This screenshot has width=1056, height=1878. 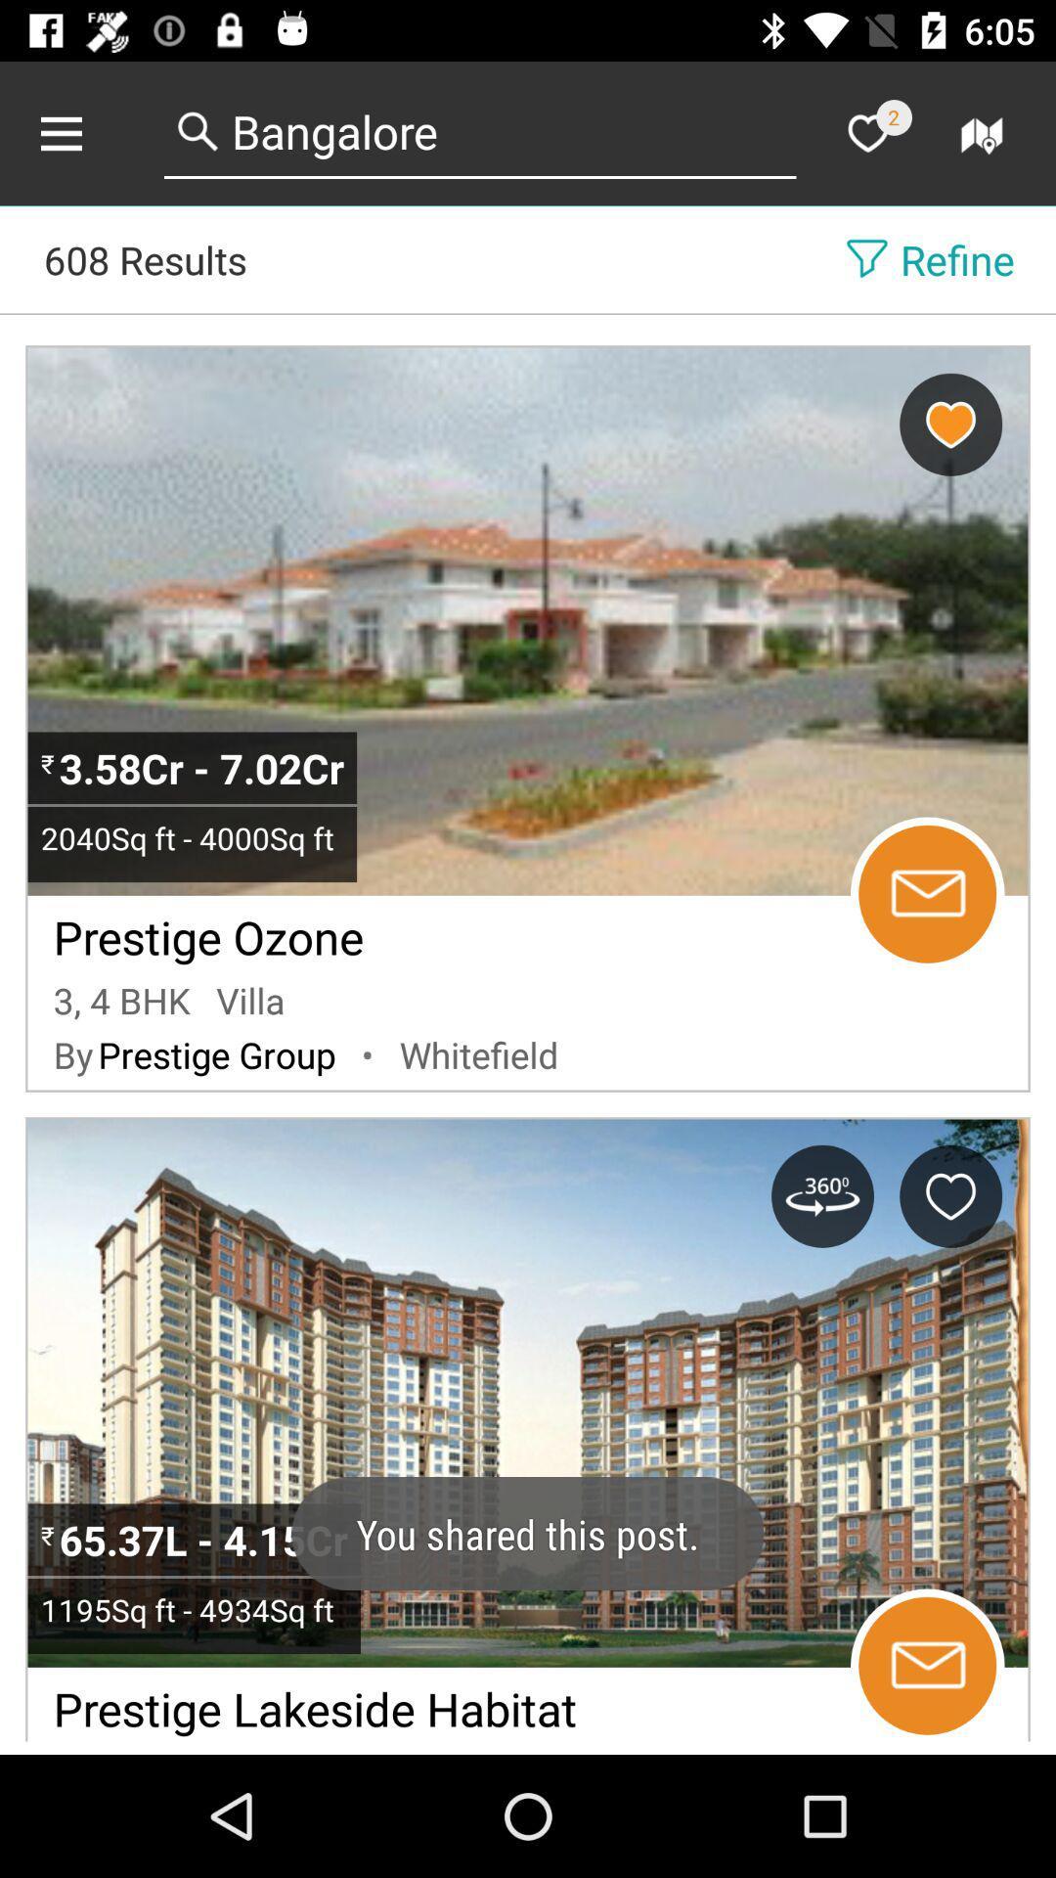 I want to click on 360 view, so click(x=822, y=1195).